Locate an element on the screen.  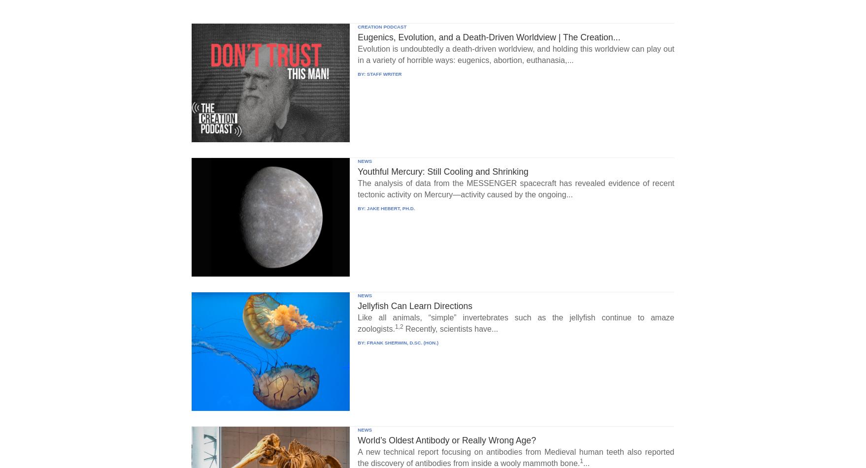
'Jellyfish Can Learn Directions' is located at coordinates (414, 305).